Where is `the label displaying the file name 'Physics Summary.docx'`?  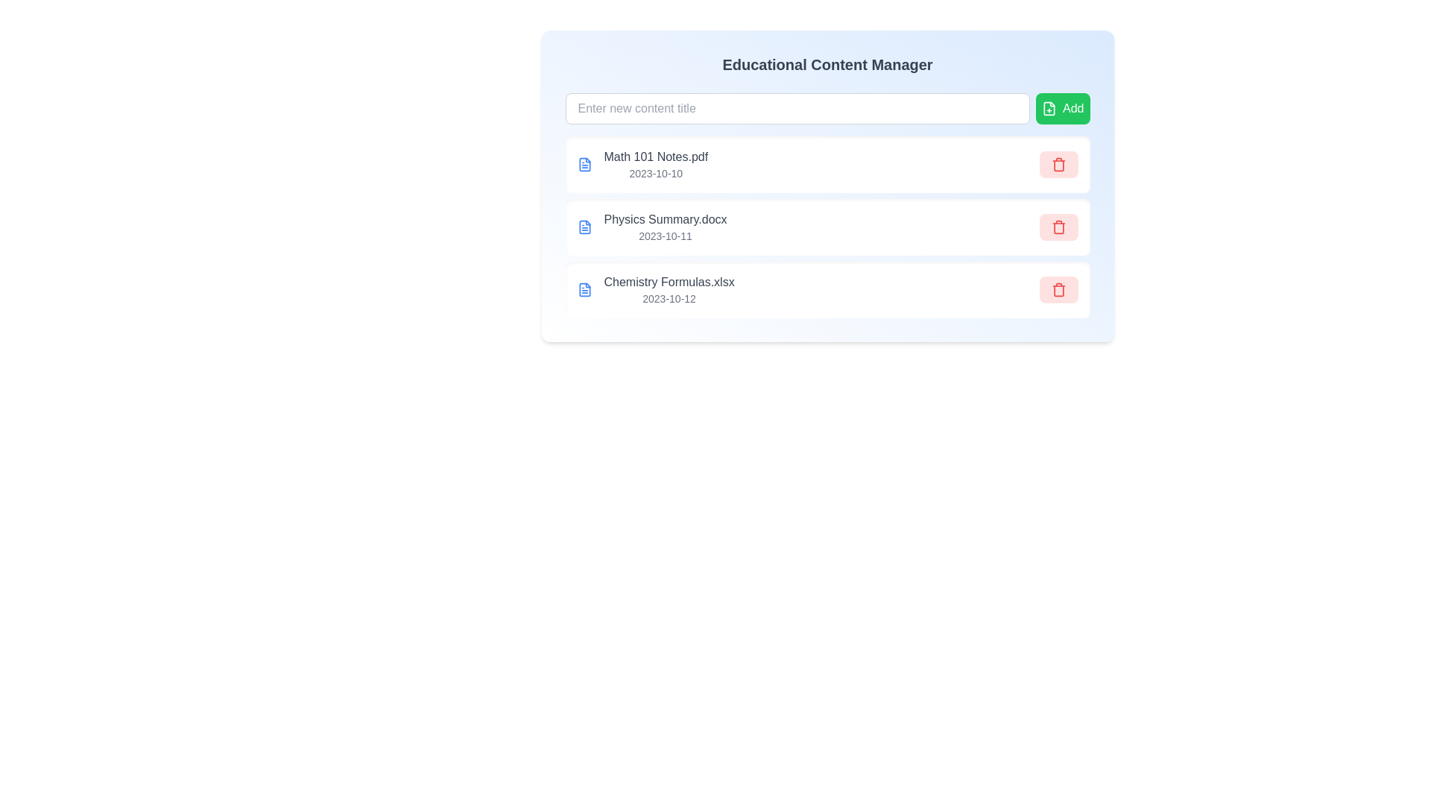 the label displaying the file name 'Physics Summary.docx' is located at coordinates (664, 219).